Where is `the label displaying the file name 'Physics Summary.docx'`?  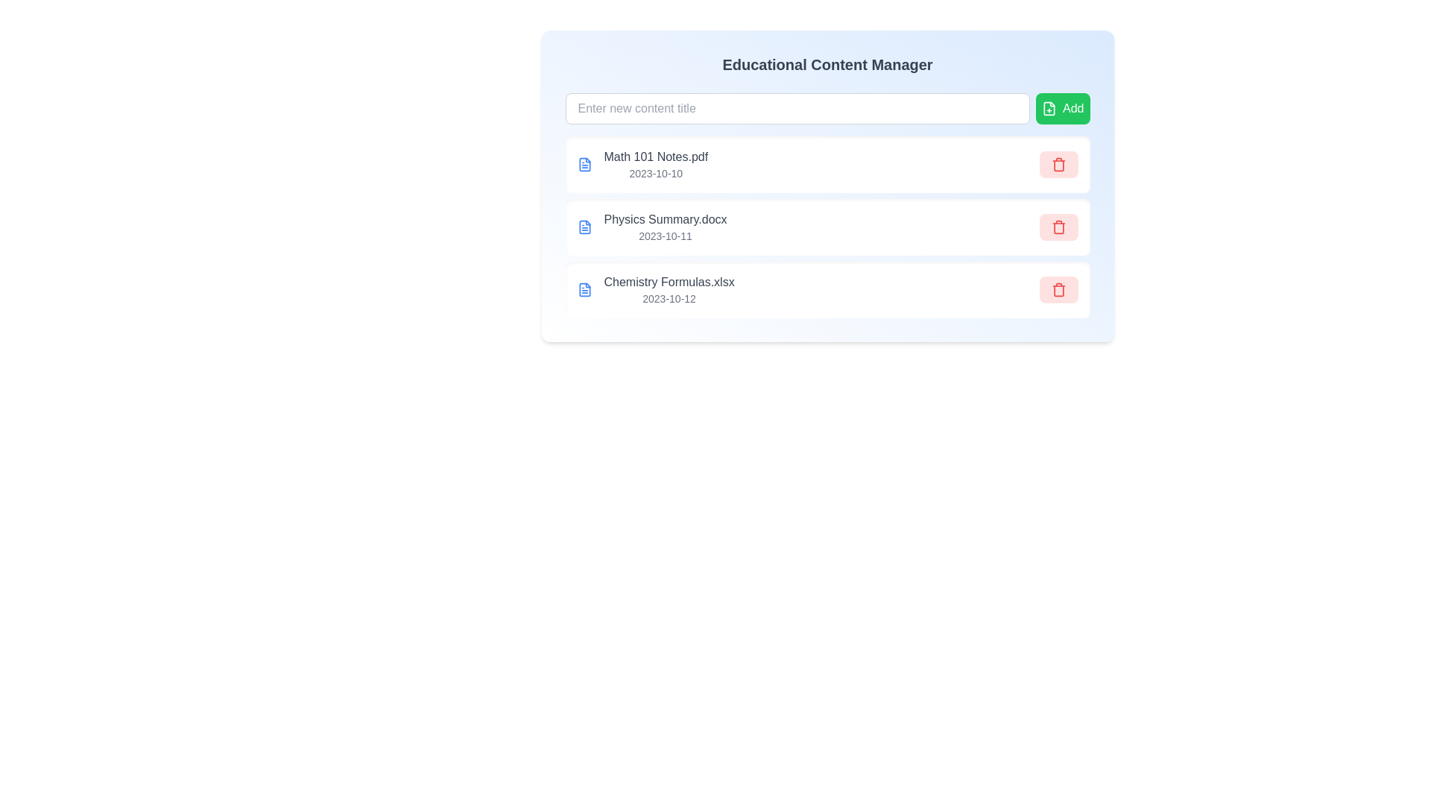 the label displaying the file name 'Physics Summary.docx' is located at coordinates (664, 219).